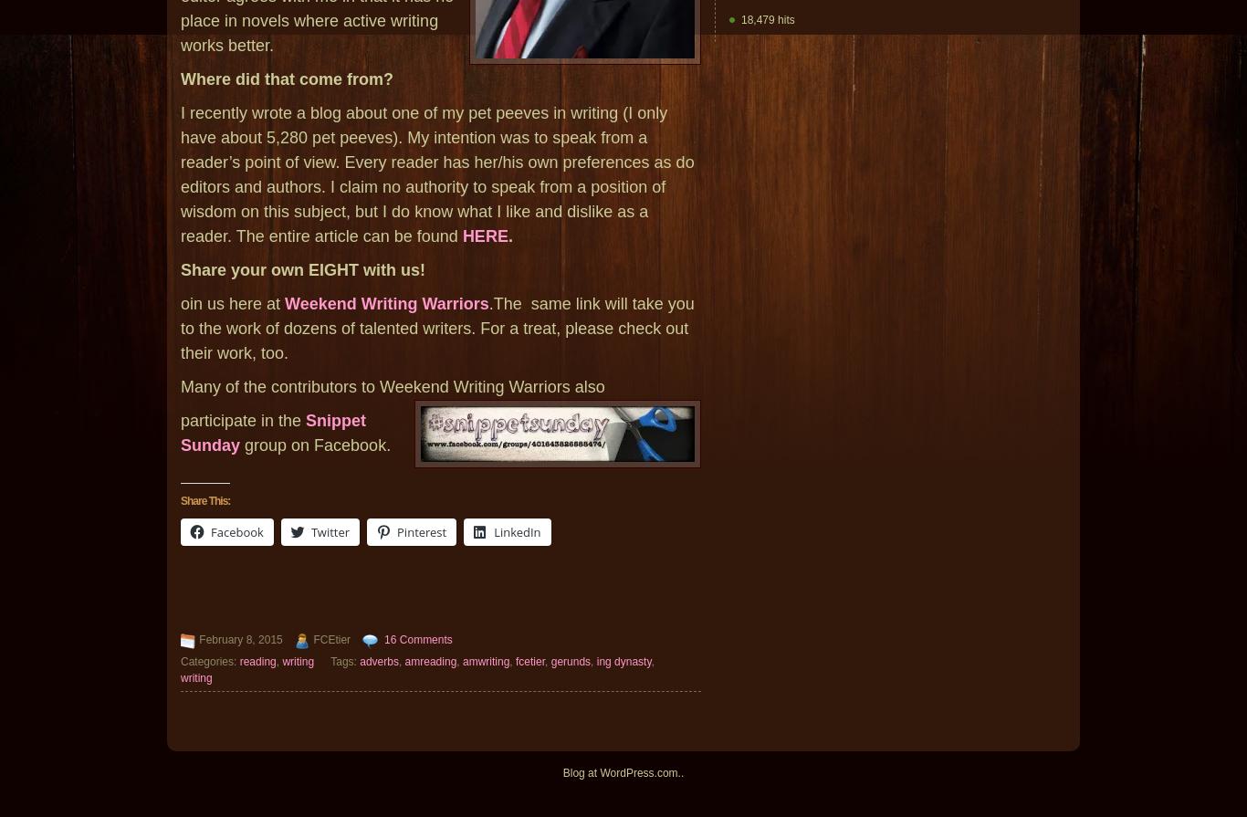 This screenshot has height=817, width=1247. Describe the element at coordinates (623, 659) in the screenshot. I see `'ing dynasty'` at that location.